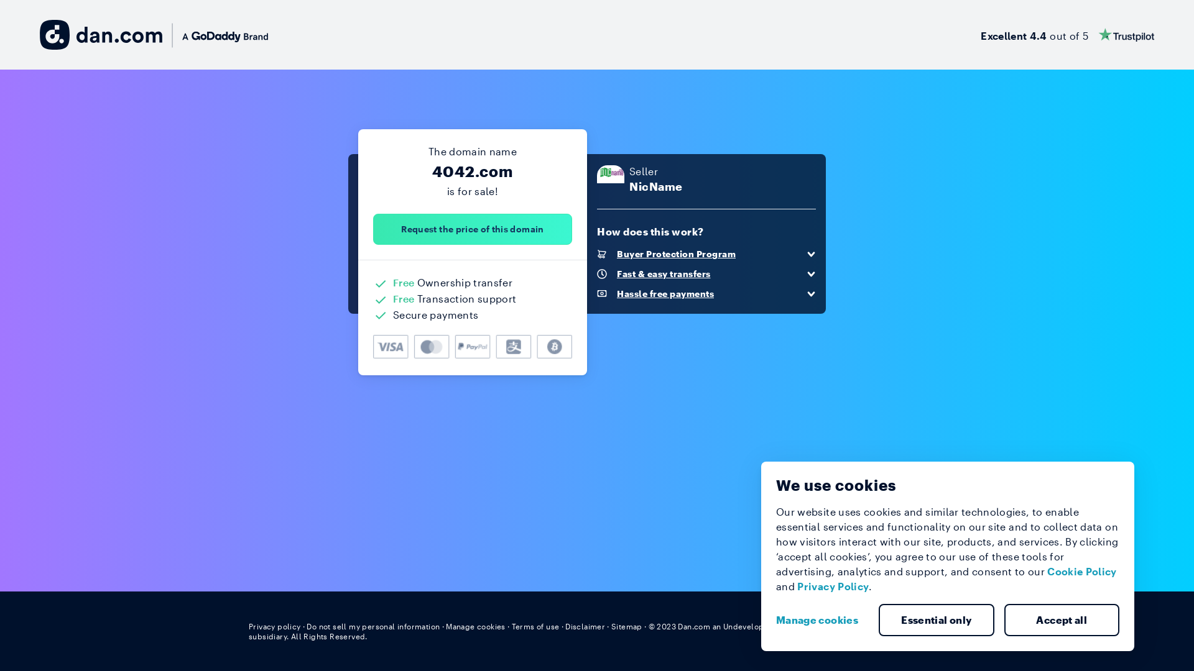 This screenshot has height=671, width=1194. What do you see at coordinates (833, 586) in the screenshot?
I see `'Privacy Policy'` at bounding box center [833, 586].